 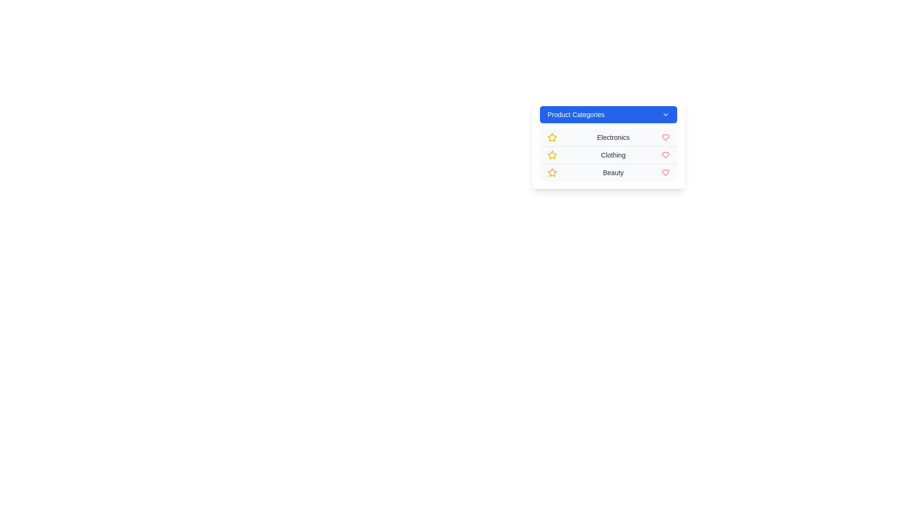 What do you see at coordinates (552, 138) in the screenshot?
I see `the star icon next to the Electronics category` at bounding box center [552, 138].